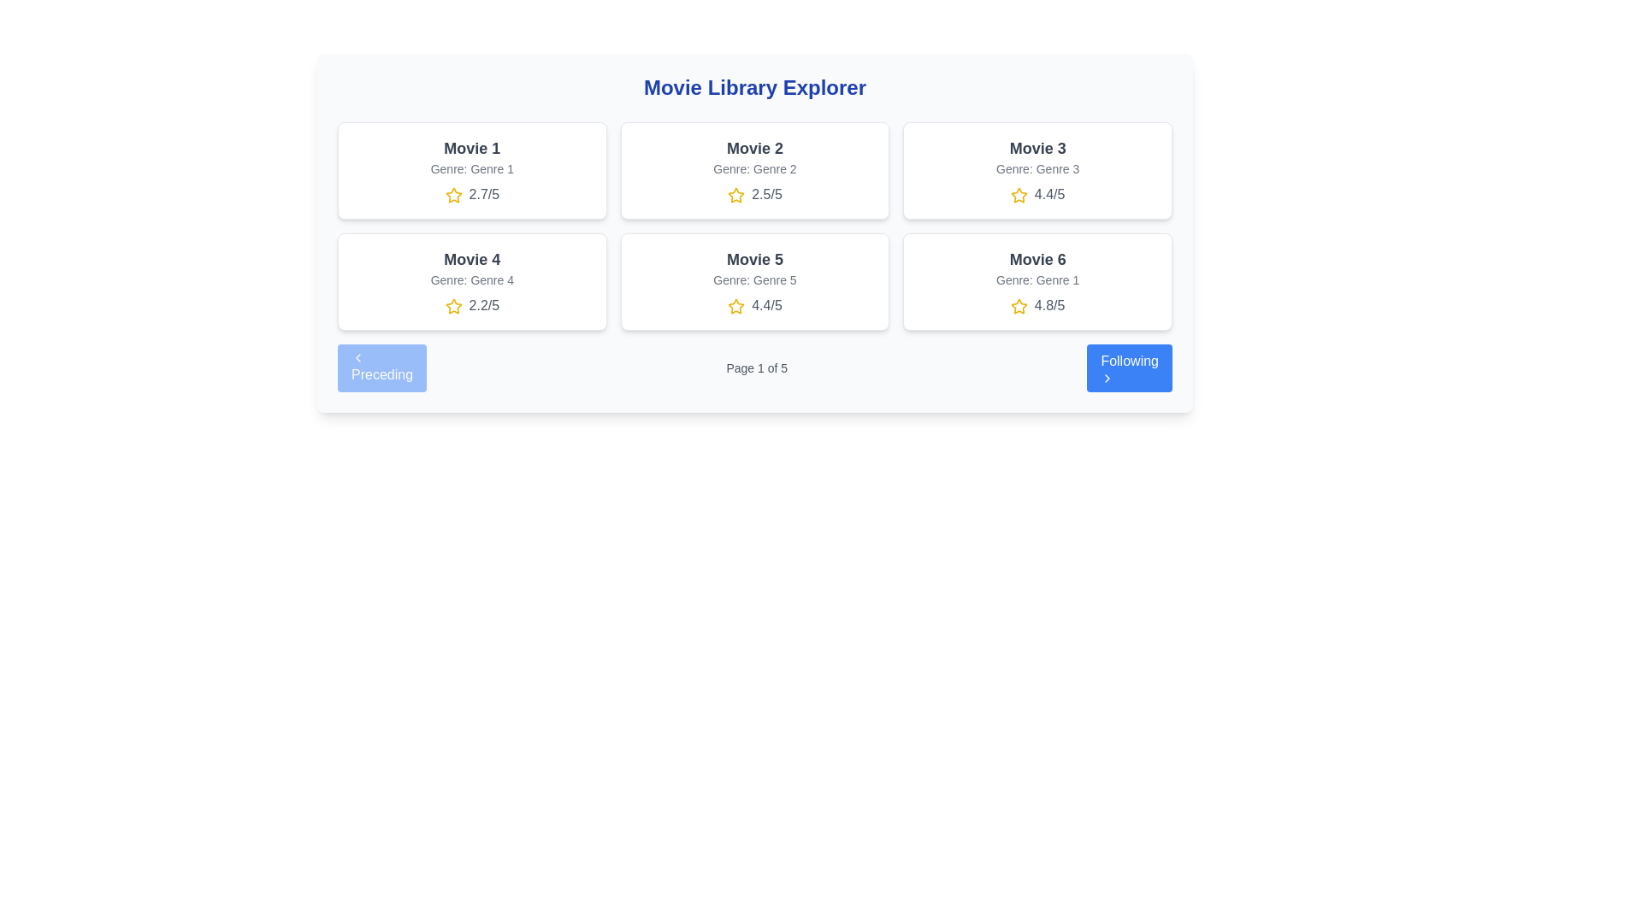 The image size is (1642, 923). What do you see at coordinates (483, 193) in the screenshot?
I see `the average rating score display text located in the top-left movie card under the 'Movie 1' title and adjacent to the yellow star icon for information` at bounding box center [483, 193].